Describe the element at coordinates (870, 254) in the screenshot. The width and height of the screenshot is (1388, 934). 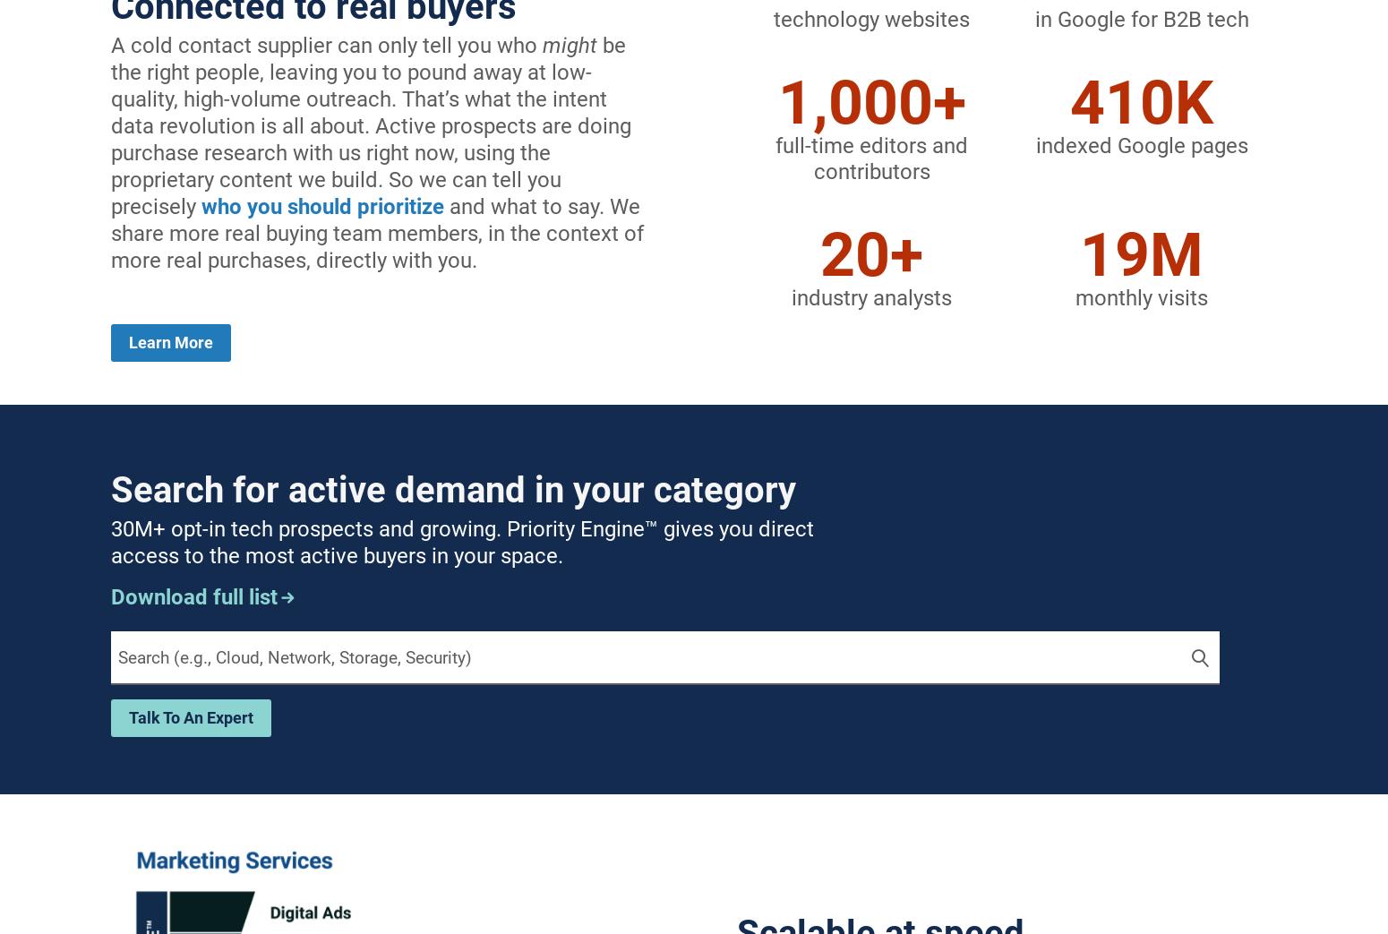
I see `'20+'` at that location.